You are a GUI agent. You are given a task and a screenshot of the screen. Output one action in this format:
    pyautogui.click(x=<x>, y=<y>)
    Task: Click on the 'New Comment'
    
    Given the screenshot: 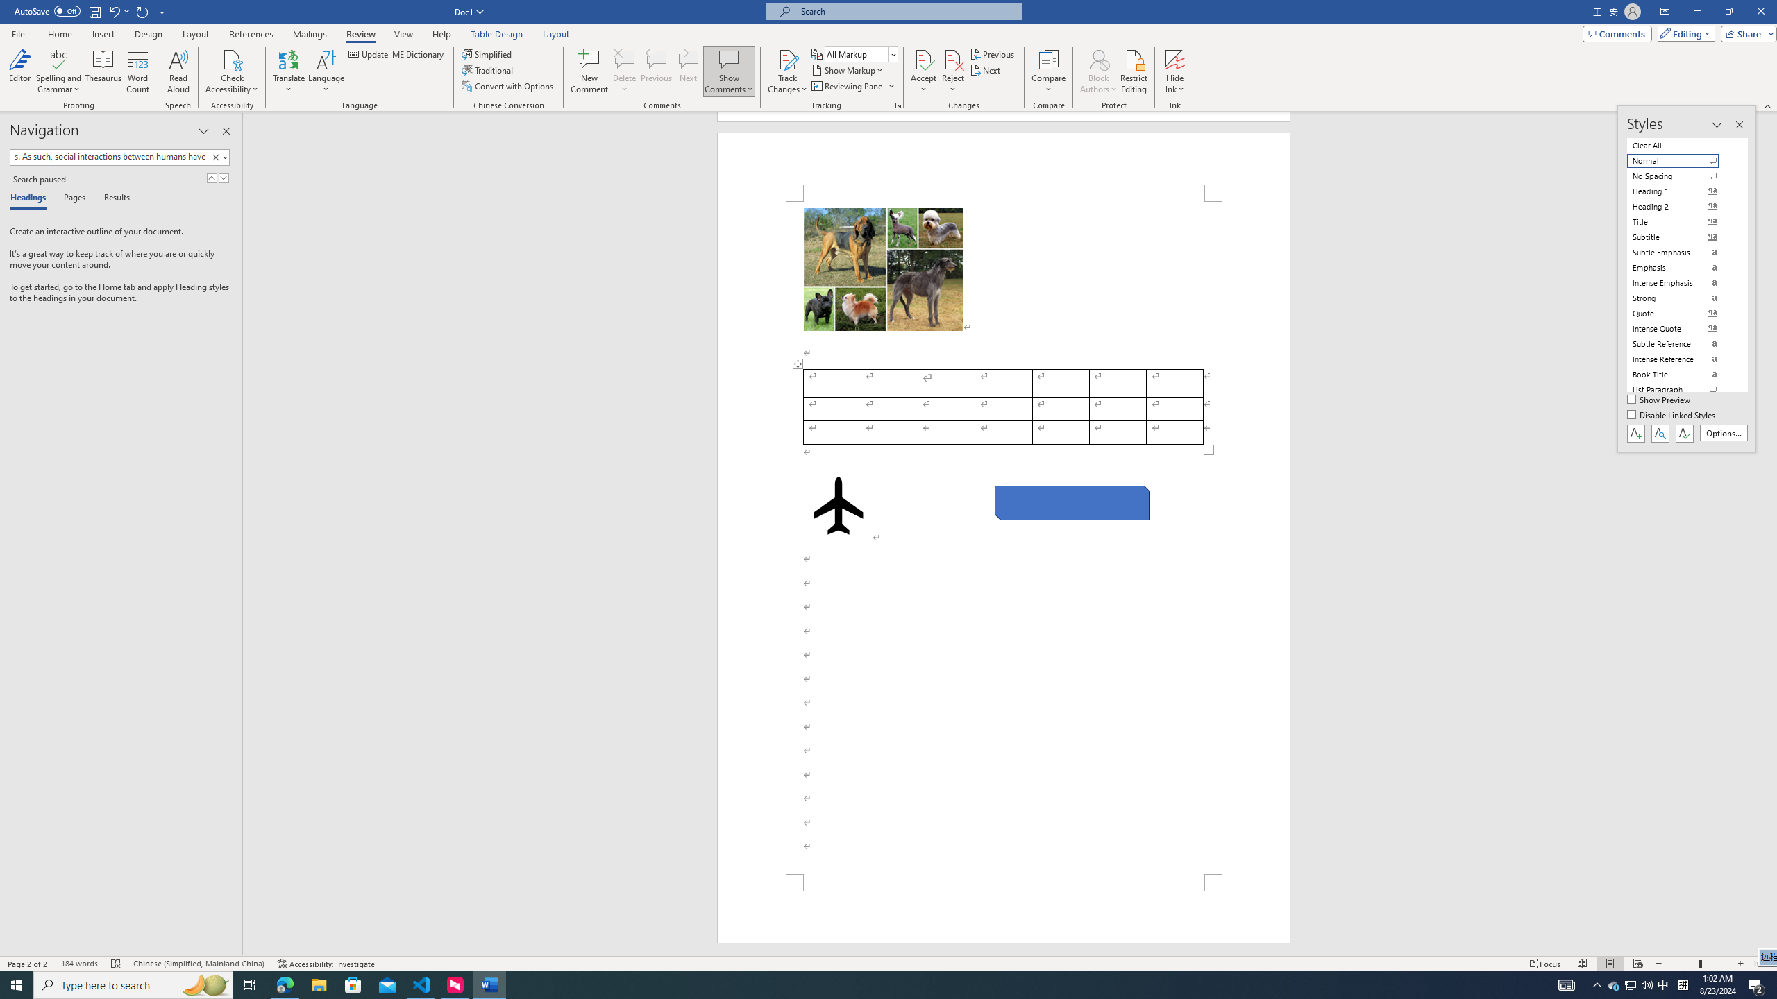 What is the action you would take?
    pyautogui.click(x=588, y=71)
    